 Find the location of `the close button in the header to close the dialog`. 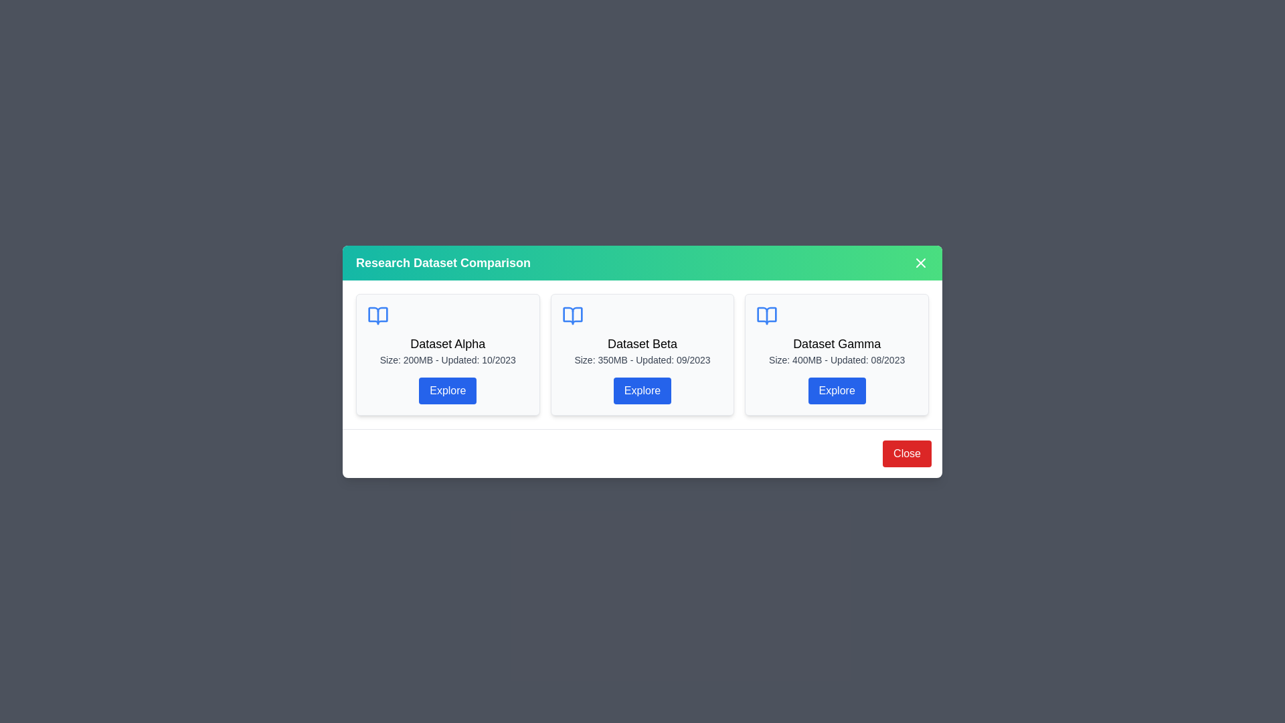

the close button in the header to close the dialog is located at coordinates (920, 262).